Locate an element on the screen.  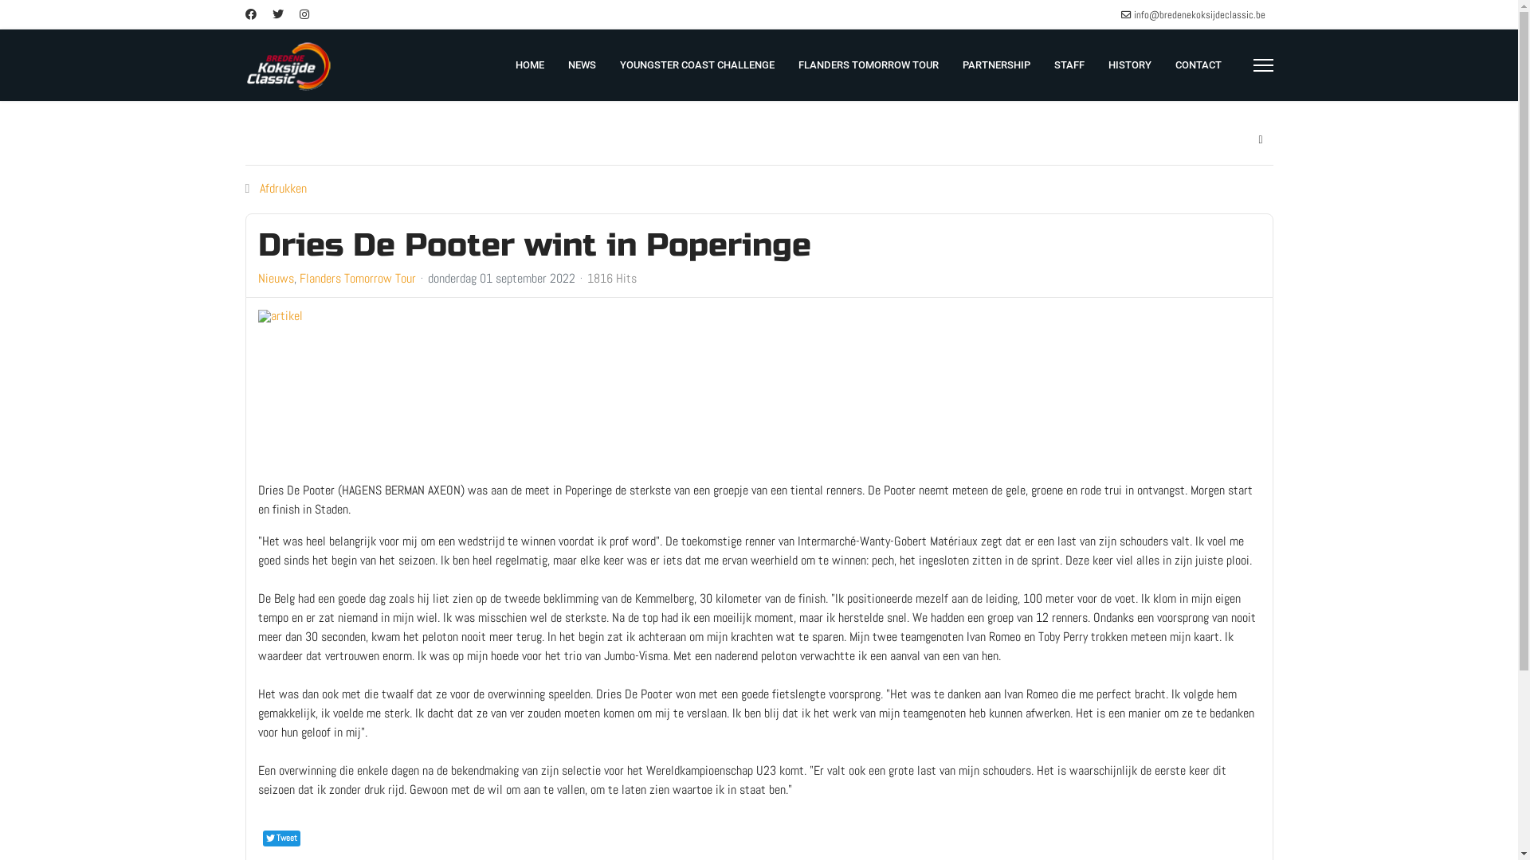
'FLANDERS TOMORROW TOUR' is located at coordinates (867, 64).